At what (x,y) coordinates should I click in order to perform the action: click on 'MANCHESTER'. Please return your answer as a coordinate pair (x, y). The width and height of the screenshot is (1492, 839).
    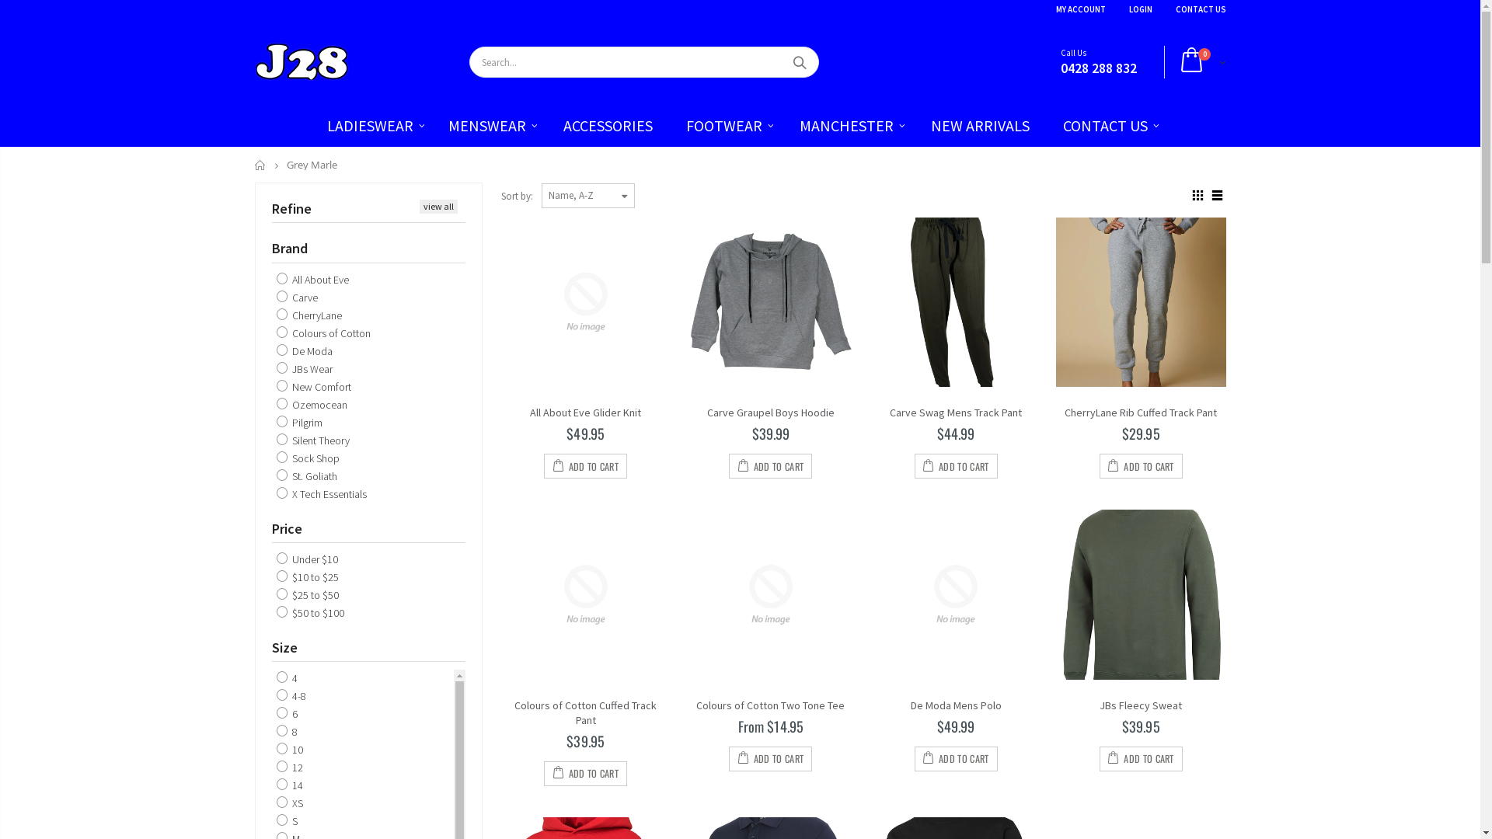
    Looking at the image, I should click on (783, 125).